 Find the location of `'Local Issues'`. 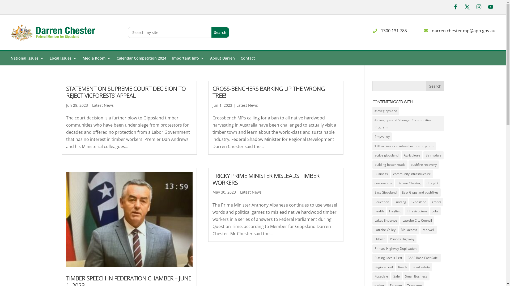

'Local Issues' is located at coordinates (63, 59).